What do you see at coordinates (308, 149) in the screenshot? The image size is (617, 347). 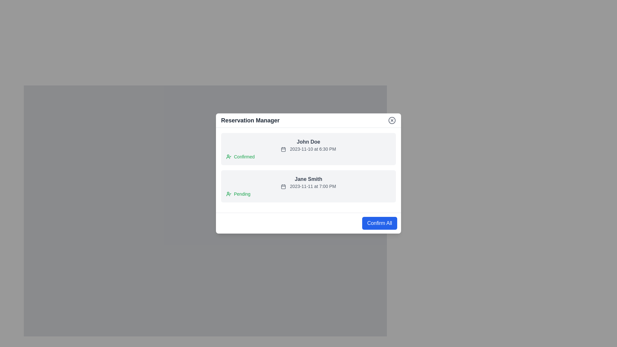 I see `text content of the small text component displaying the date and time '2023-11-10 at 6:30 PM' with a calendar icon to its left, which is located beneath 'John Doe' and above the 'Confirmed' label` at bounding box center [308, 149].